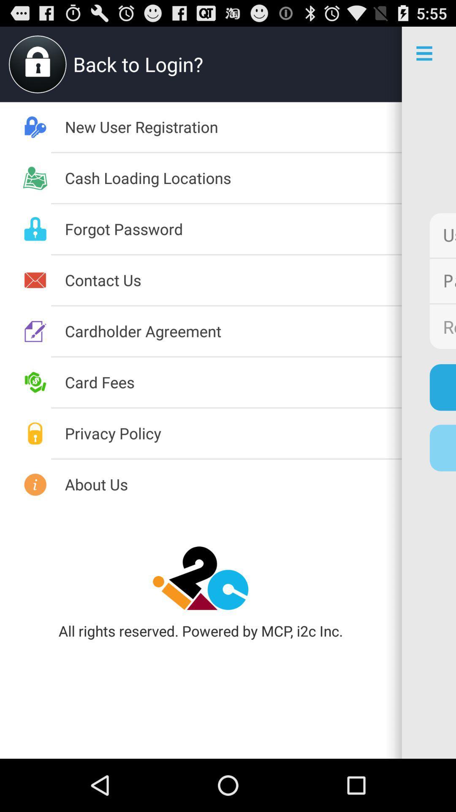 Image resolution: width=456 pixels, height=812 pixels. What do you see at coordinates (375, 64) in the screenshot?
I see `app to the right of the back to login?` at bounding box center [375, 64].